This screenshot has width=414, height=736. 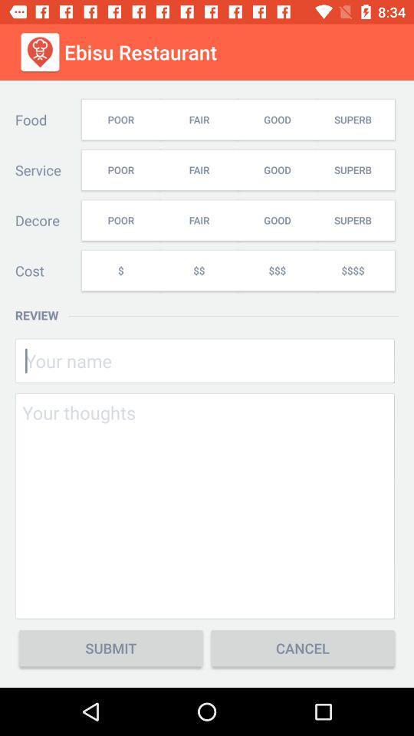 What do you see at coordinates (276, 271) in the screenshot?
I see `the $$$` at bounding box center [276, 271].